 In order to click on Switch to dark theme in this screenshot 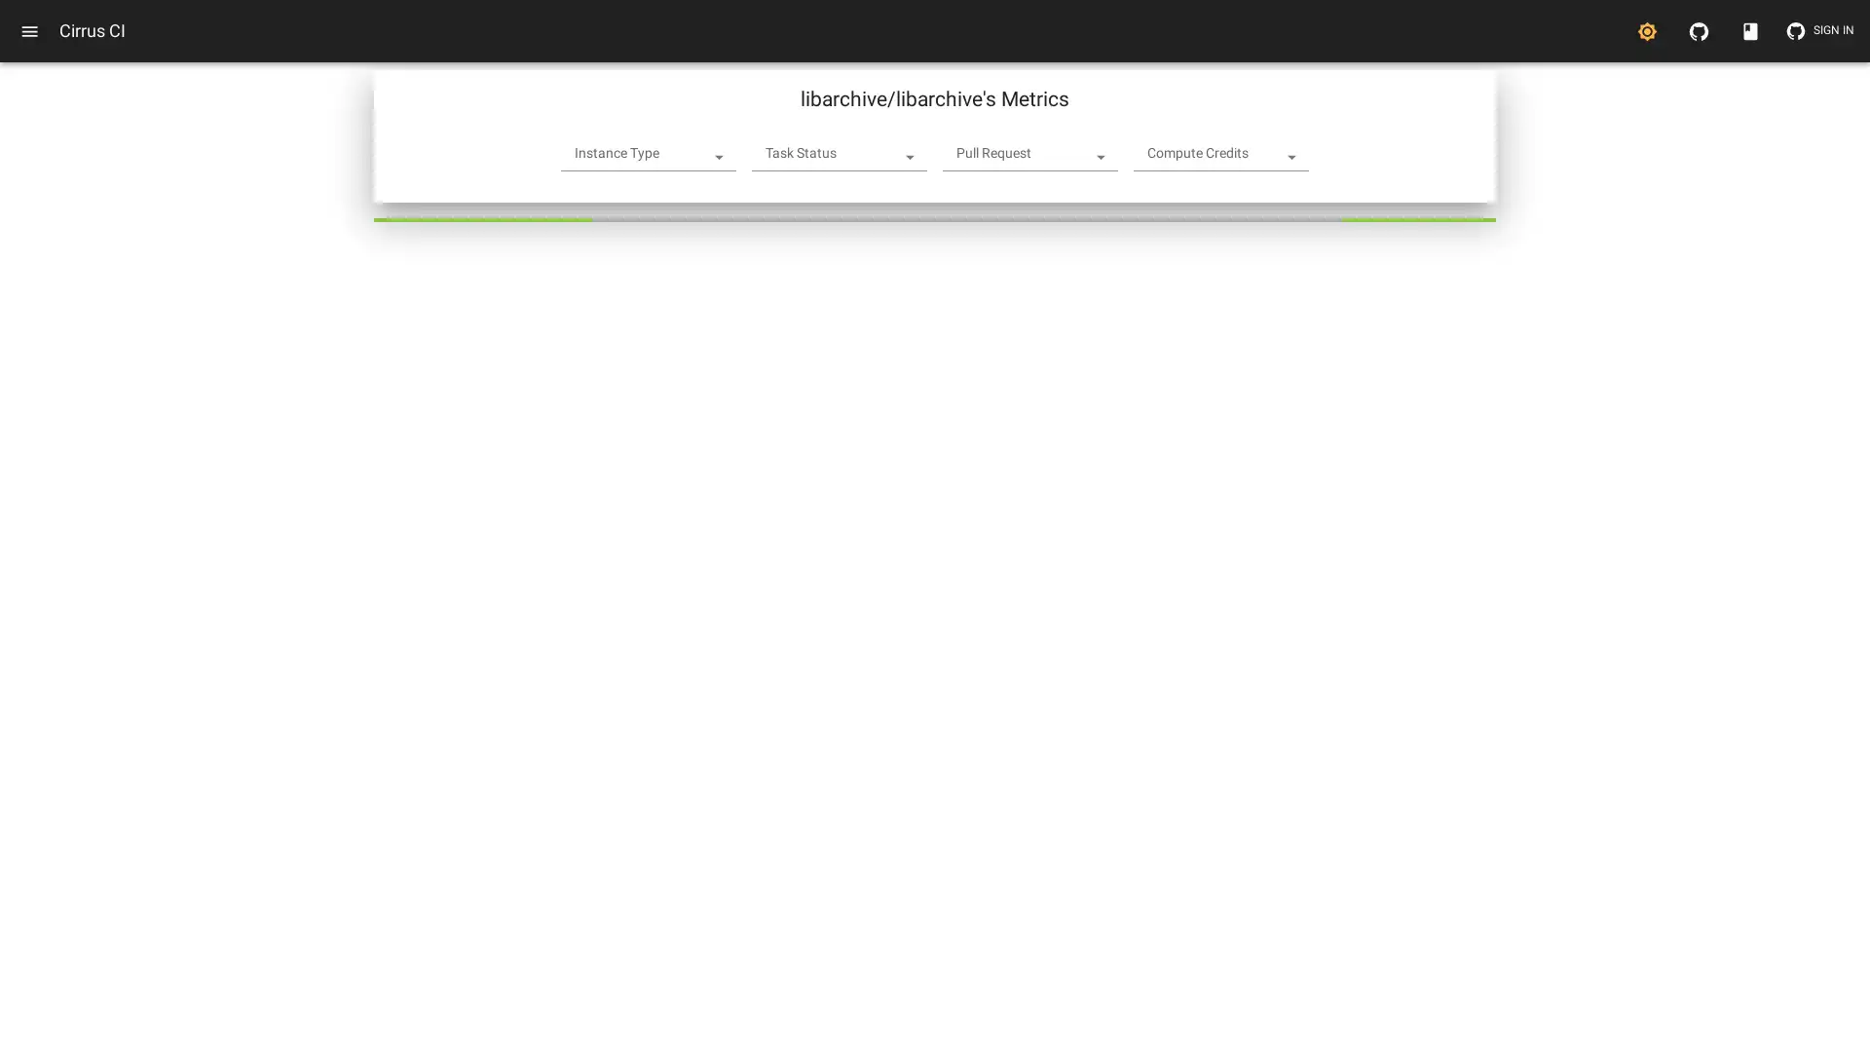, I will do `click(1646, 30)`.